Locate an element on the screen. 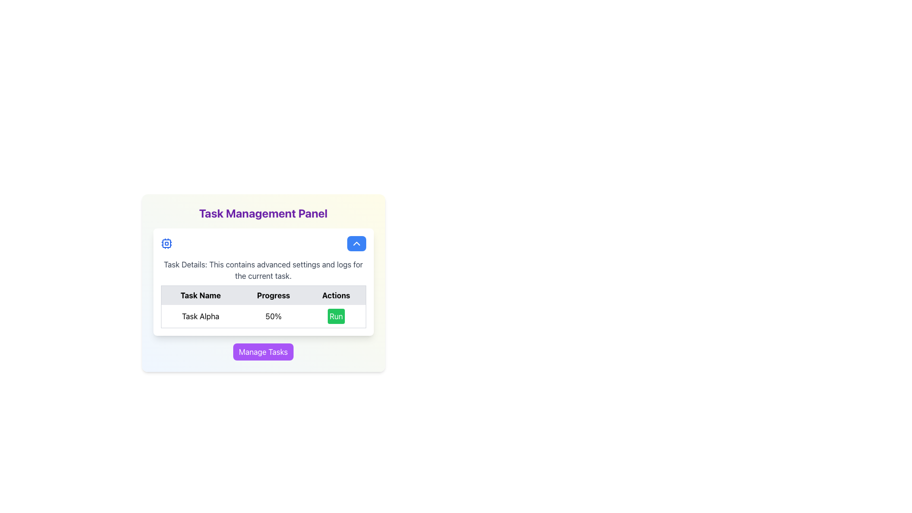 This screenshot has width=912, height=513. the Chevron icon located at the top-right corner of the 'Task Management Panel' to receive visual feedback is located at coordinates (356, 243).